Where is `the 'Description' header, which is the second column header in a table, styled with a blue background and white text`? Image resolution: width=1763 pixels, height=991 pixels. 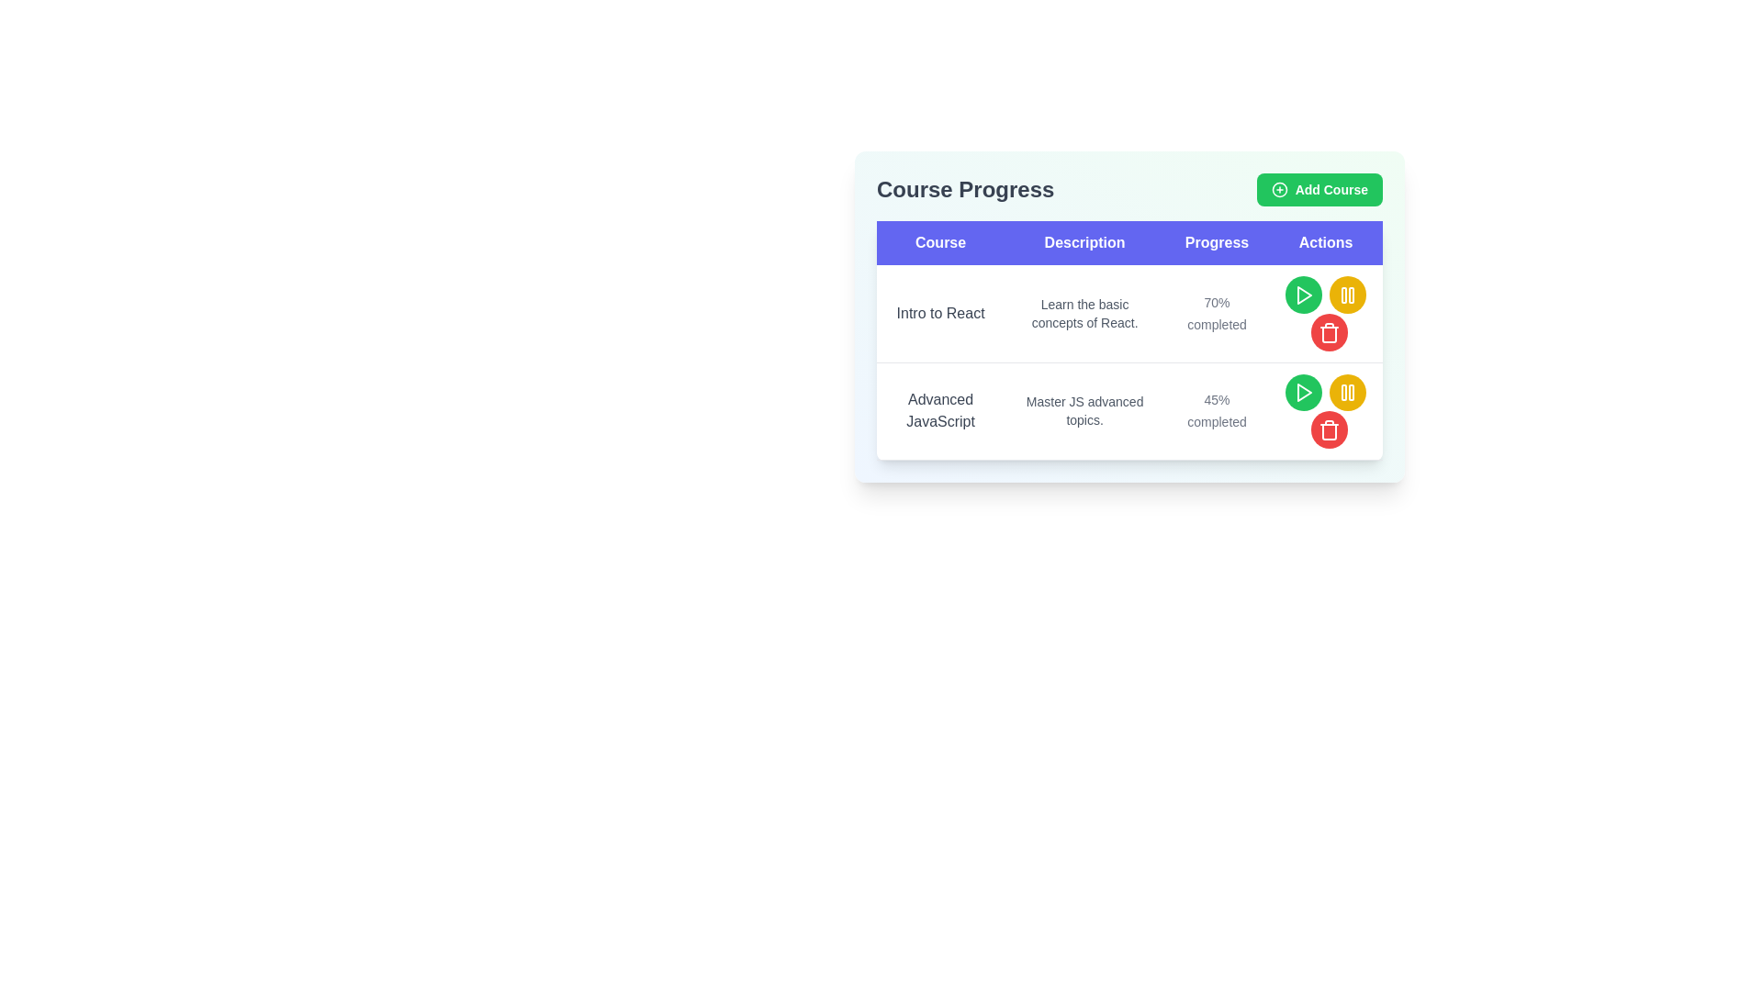
the 'Description' header, which is the second column header in a table, styled with a blue background and white text is located at coordinates (1084, 242).